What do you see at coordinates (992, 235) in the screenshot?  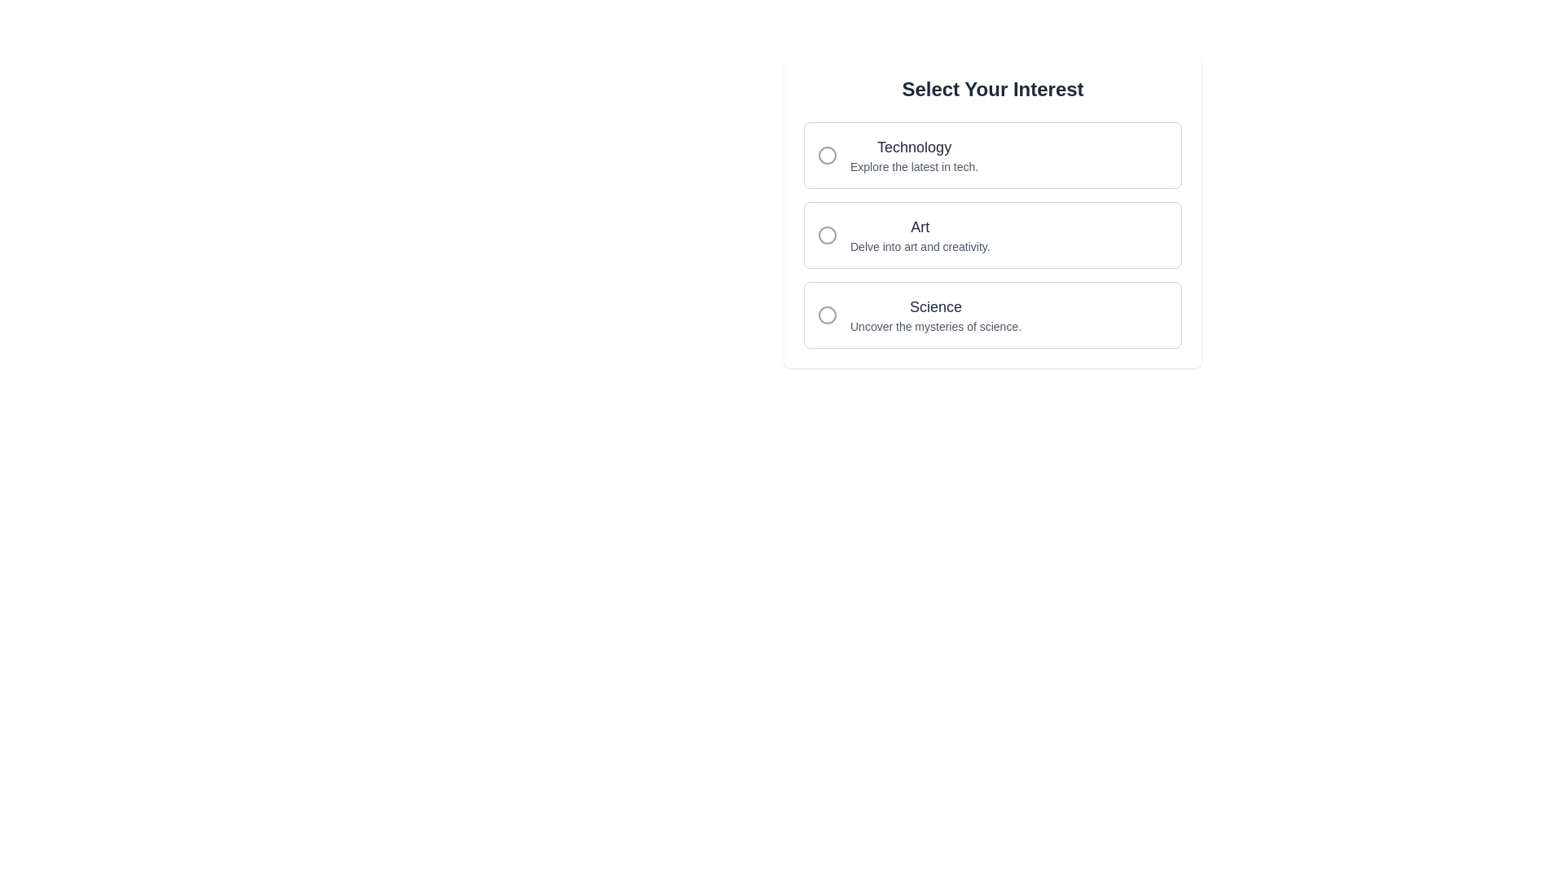 I see `the Radio Option Group element labeled 'Select Your Interest' that contains the options 'Technology', 'Art', and 'Science'` at bounding box center [992, 235].